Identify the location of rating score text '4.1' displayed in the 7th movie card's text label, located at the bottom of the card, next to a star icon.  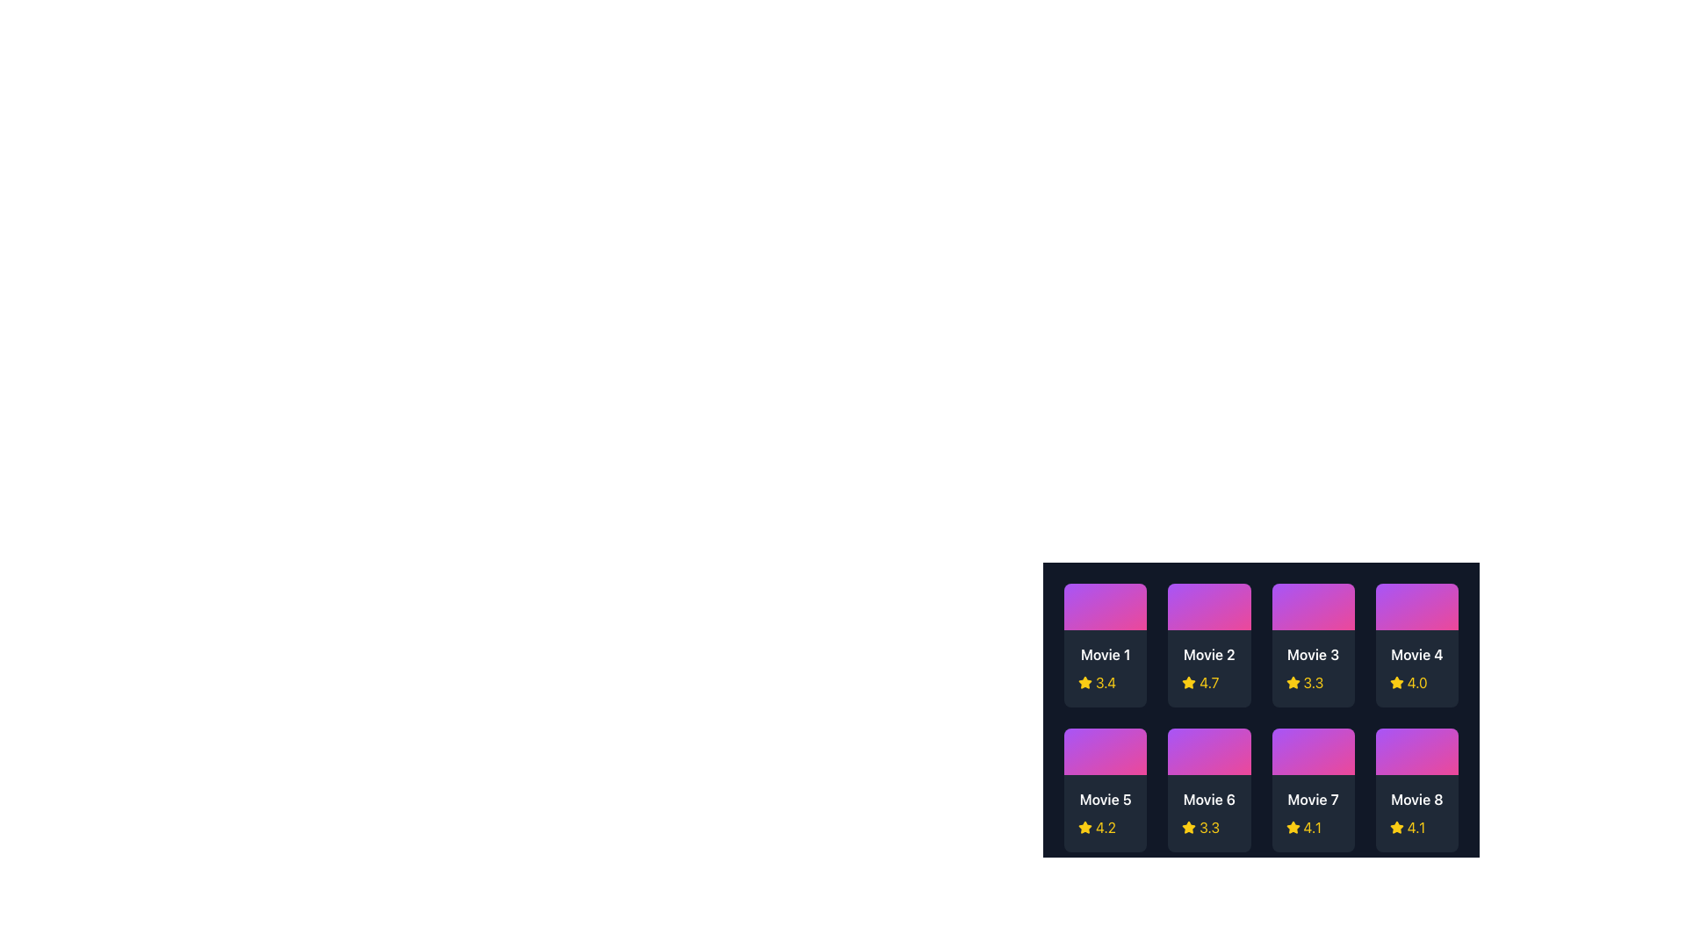
(1312, 828).